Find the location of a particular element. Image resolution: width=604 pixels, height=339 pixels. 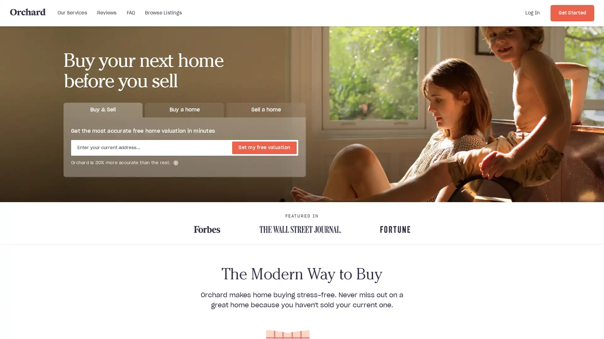

Need help? is located at coordinates (572, 325).